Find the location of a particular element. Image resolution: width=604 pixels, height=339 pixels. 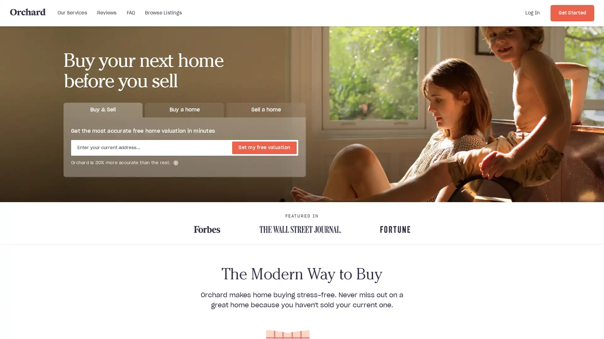

Need help? is located at coordinates (572, 325).